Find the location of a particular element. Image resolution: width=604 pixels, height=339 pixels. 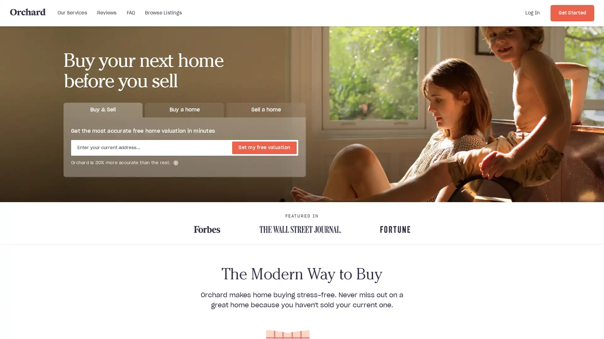

Need help? is located at coordinates (572, 325).